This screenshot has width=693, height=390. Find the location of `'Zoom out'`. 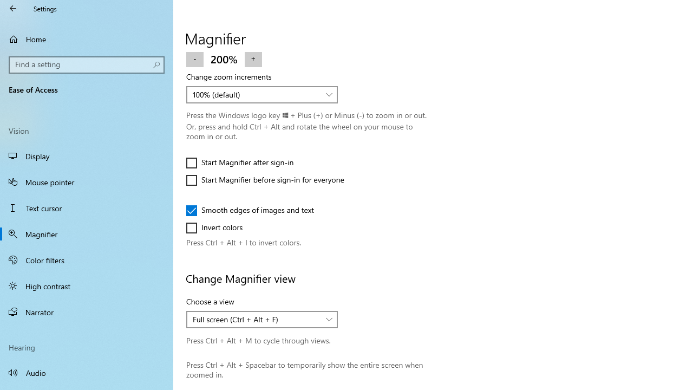

'Zoom out' is located at coordinates (195, 58).